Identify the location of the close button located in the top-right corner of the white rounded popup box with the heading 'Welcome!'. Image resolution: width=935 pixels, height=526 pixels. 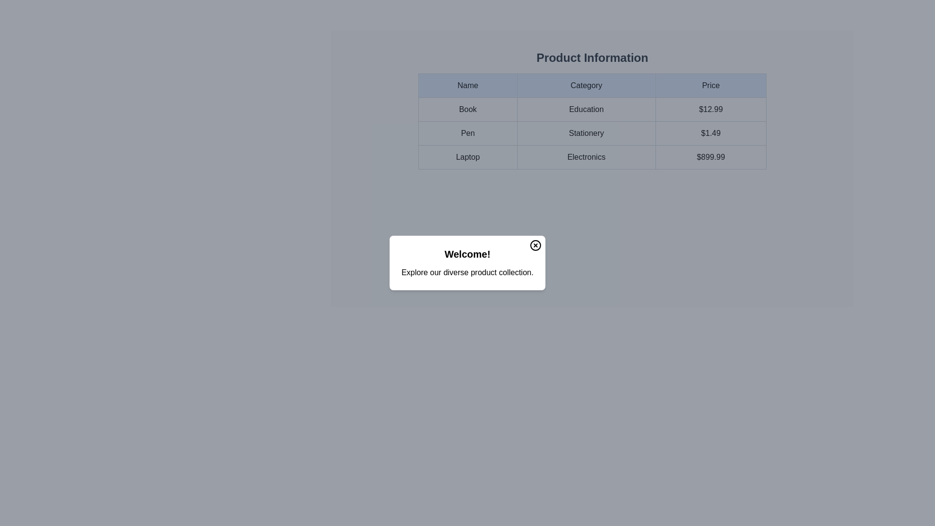
(535, 245).